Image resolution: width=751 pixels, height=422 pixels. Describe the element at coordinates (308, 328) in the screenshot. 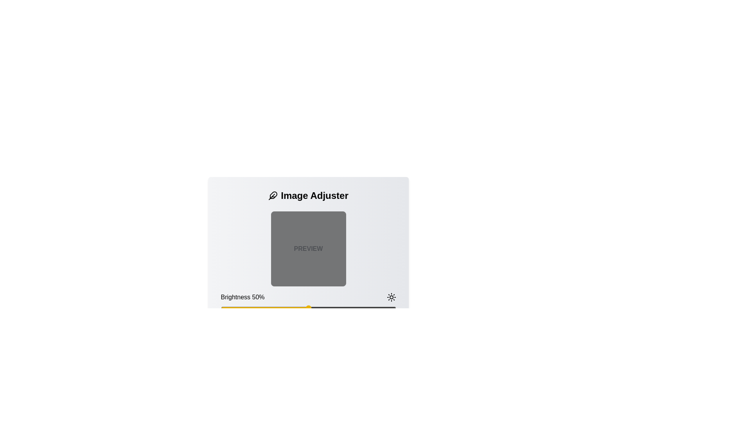

I see `the text element indicating the current contrast adjustment setting at 50%, which is located to the left and center of the slider, with a moon-shaped icon on its right` at that location.